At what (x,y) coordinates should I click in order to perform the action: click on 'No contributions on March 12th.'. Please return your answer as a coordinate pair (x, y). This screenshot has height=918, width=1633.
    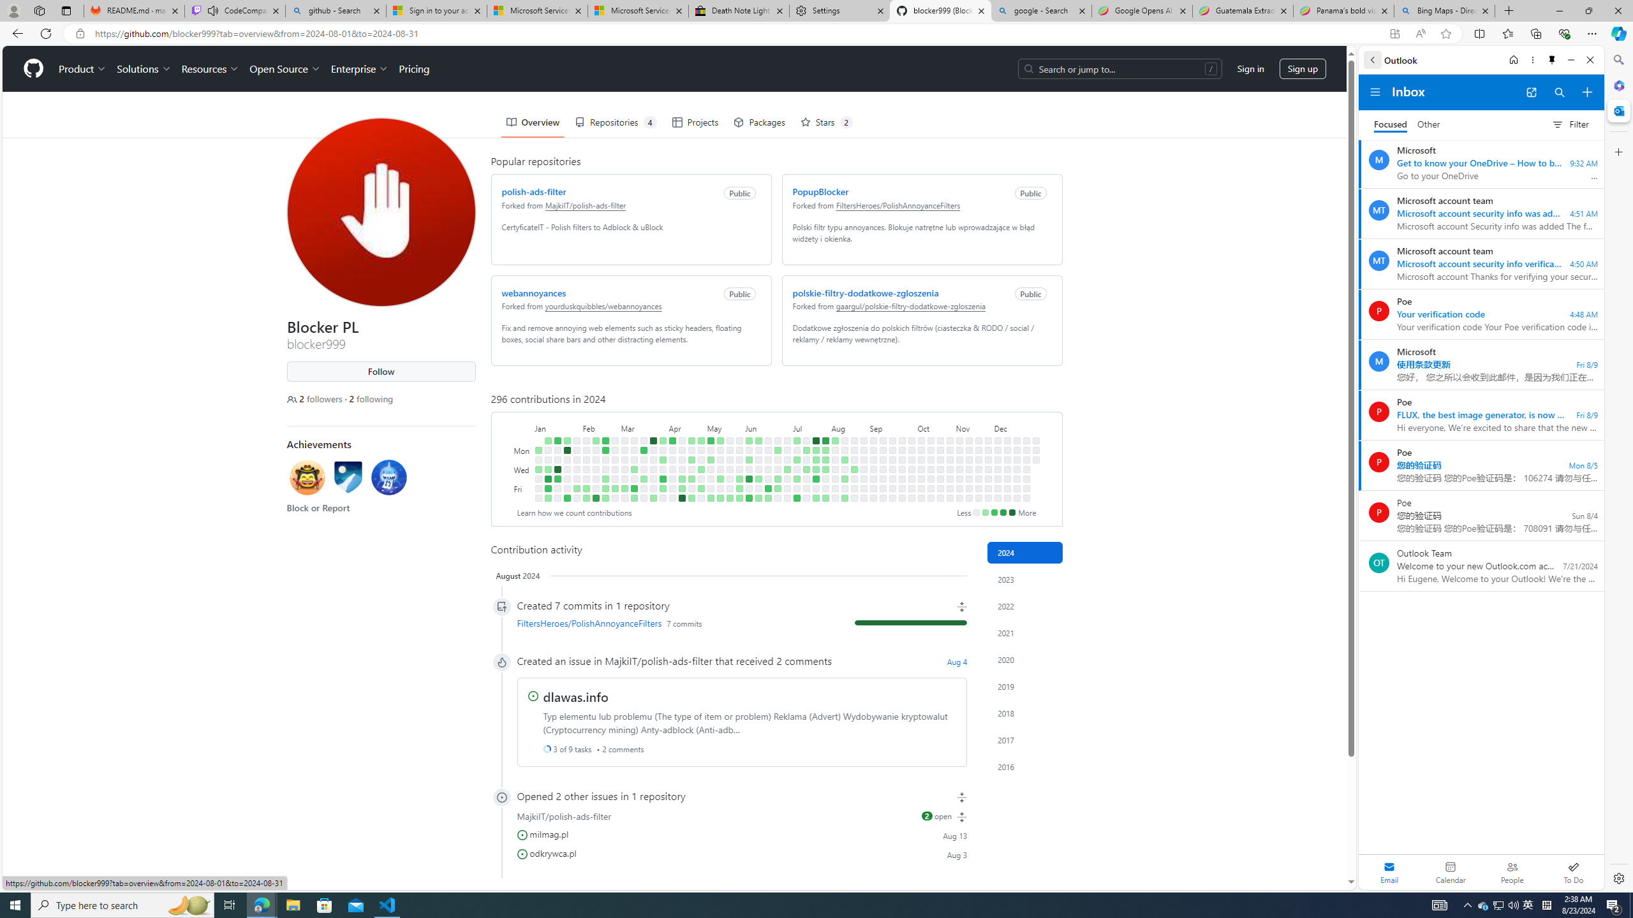
    Looking at the image, I should click on (634, 459).